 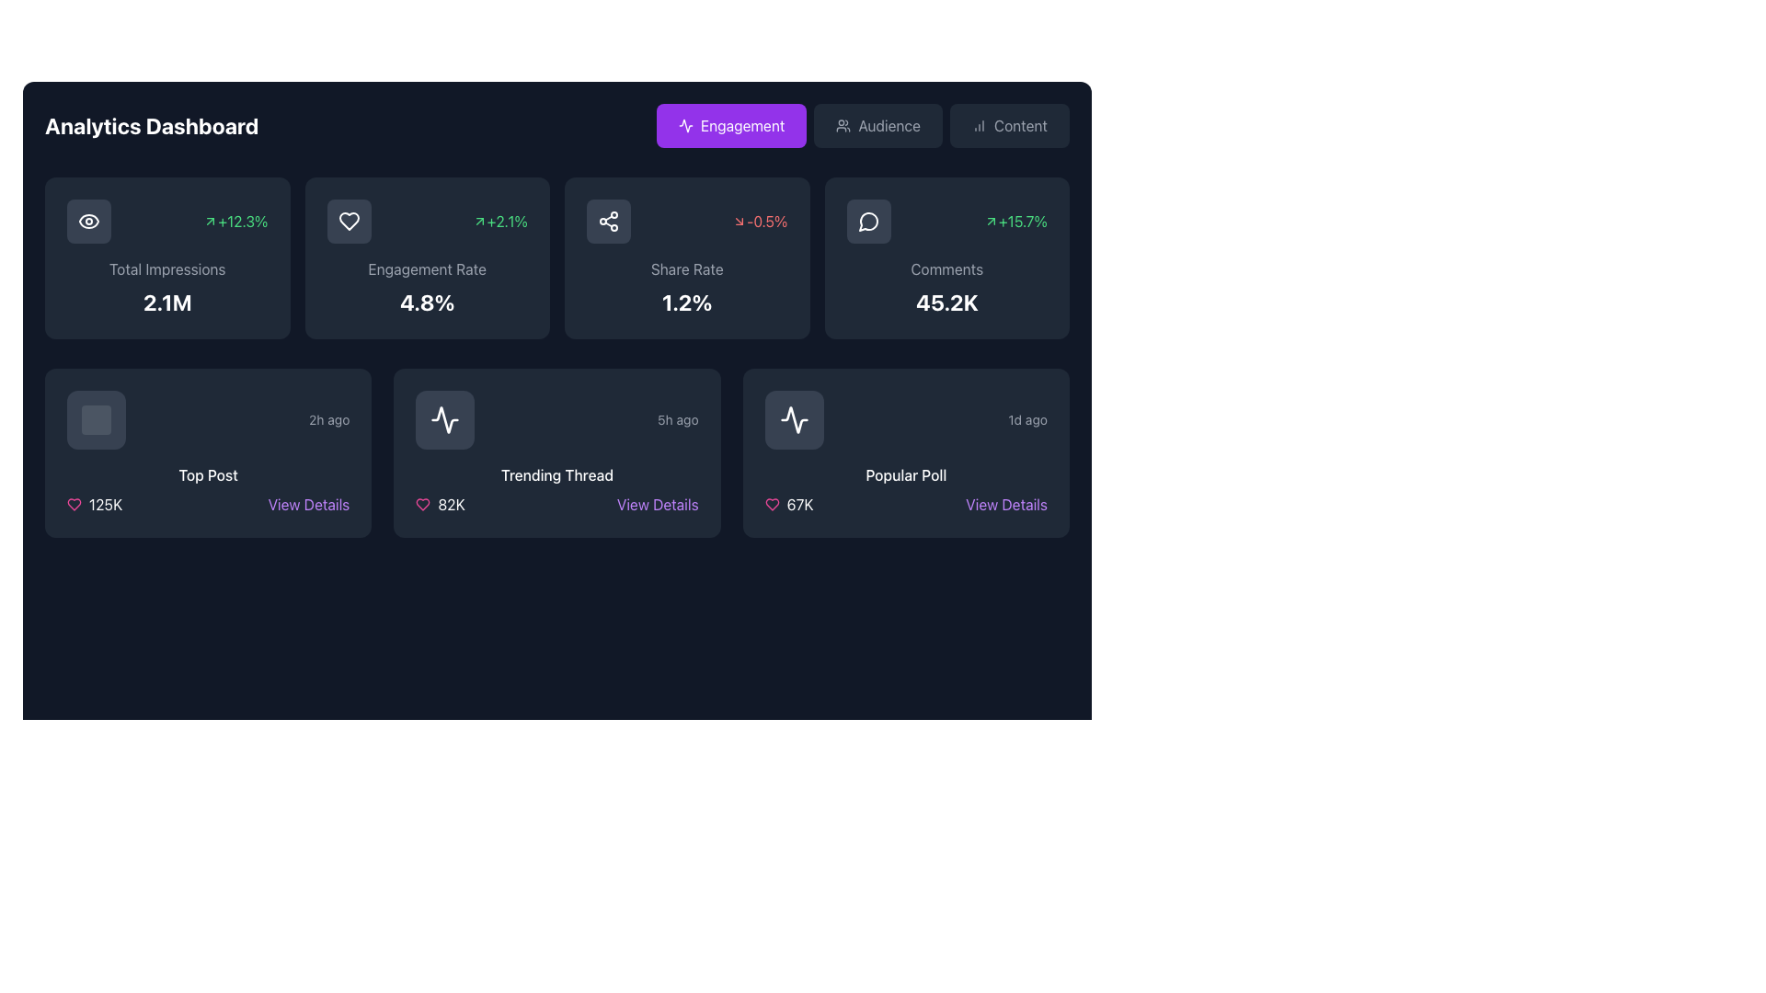 What do you see at coordinates (990, 220) in the screenshot?
I see `the small green upward-right arrow icon located in the upper-middle section of the 'Comments' card, adjacent to the '+15.7%' percentage value` at bounding box center [990, 220].